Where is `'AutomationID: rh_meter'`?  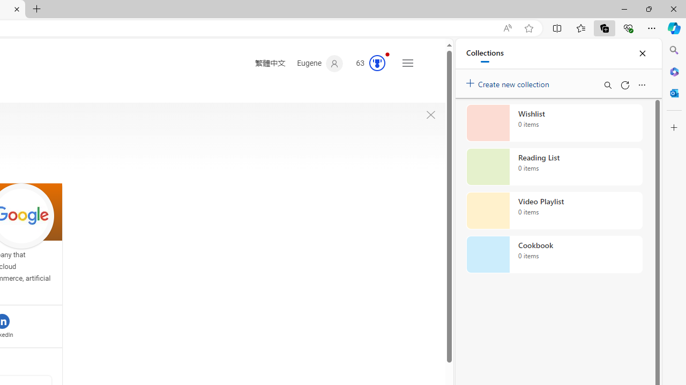
'AutomationID: rh_meter' is located at coordinates (377, 63).